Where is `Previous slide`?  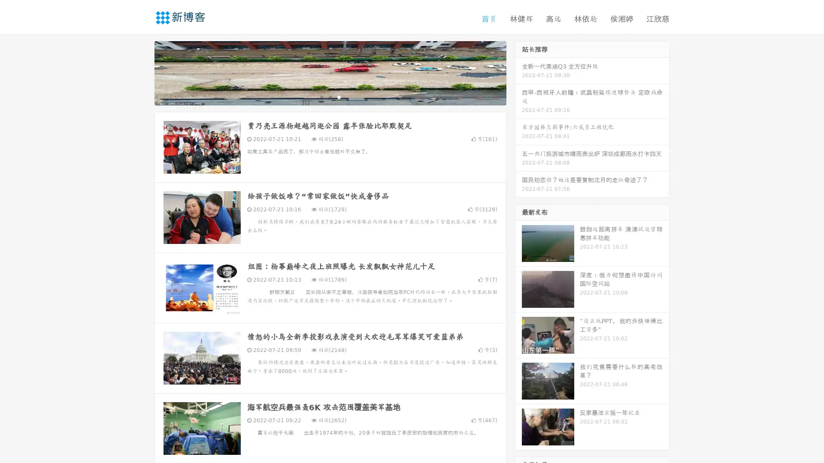 Previous slide is located at coordinates (142, 72).